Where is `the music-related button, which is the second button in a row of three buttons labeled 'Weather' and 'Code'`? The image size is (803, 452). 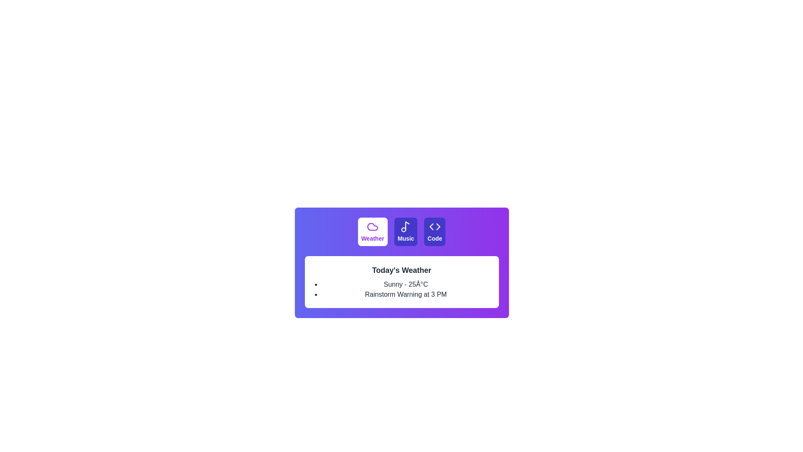
the music-related button, which is the second button in a row of three buttons labeled 'Weather' and 'Code' is located at coordinates (406, 232).